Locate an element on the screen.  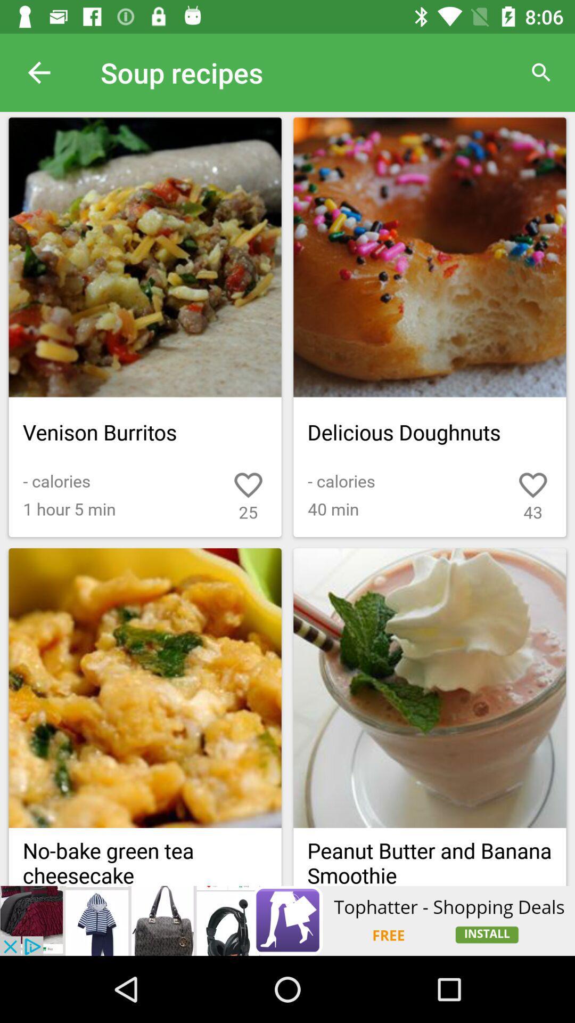
the text which is below to the second row first column image is located at coordinates (145, 857).